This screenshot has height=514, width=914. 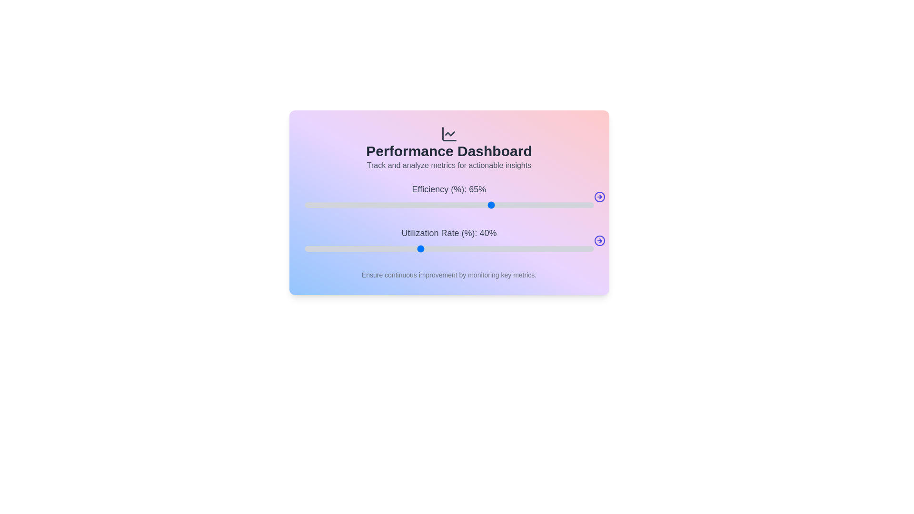 What do you see at coordinates (587, 248) in the screenshot?
I see `the Utilization Rate slider to 98%` at bounding box center [587, 248].